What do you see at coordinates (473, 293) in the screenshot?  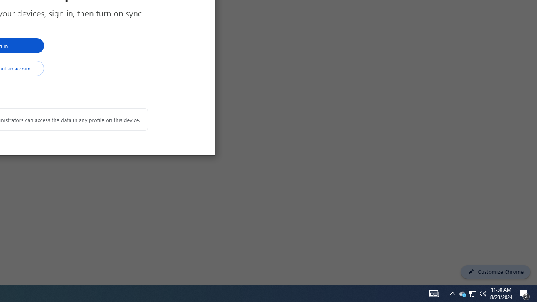 I see `'User Promoted Notification Area'` at bounding box center [473, 293].